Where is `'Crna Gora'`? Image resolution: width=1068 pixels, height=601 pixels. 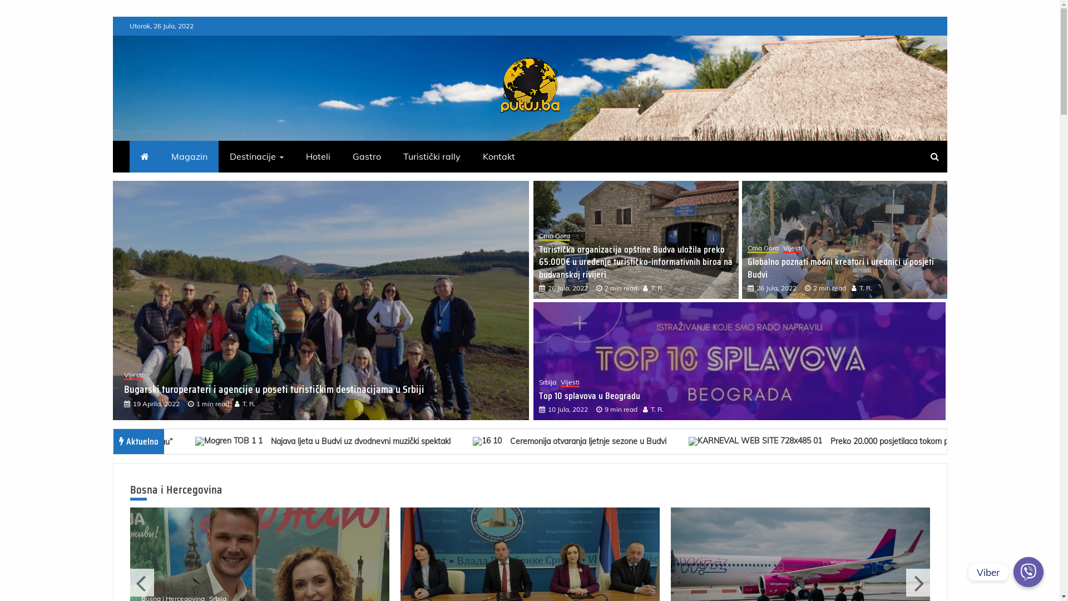
'Crna Gora' is located at coordinates (763, 248).